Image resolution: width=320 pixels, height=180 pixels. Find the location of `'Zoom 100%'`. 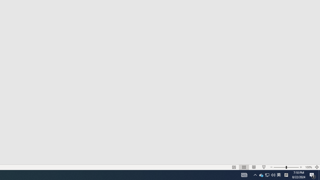

'Zoom 100%' is located at coordinates (308, 167).